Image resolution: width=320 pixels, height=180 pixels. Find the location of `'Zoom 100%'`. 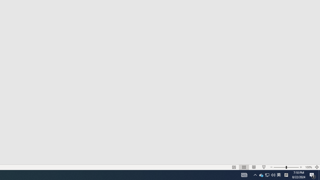

'Zoom 100%' is located at coordinates (308, 167).